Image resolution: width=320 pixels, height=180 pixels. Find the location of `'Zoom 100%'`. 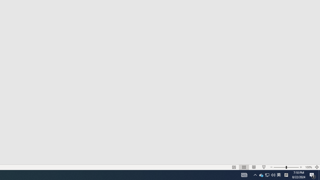

'Zoom 100%' is located at coordinates (308, 167).